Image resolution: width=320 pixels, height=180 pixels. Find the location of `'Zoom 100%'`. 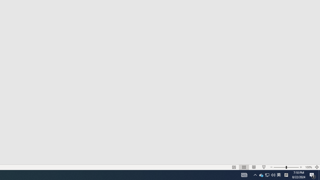

'Zoom 100%' is located at coordinates (308, 167).